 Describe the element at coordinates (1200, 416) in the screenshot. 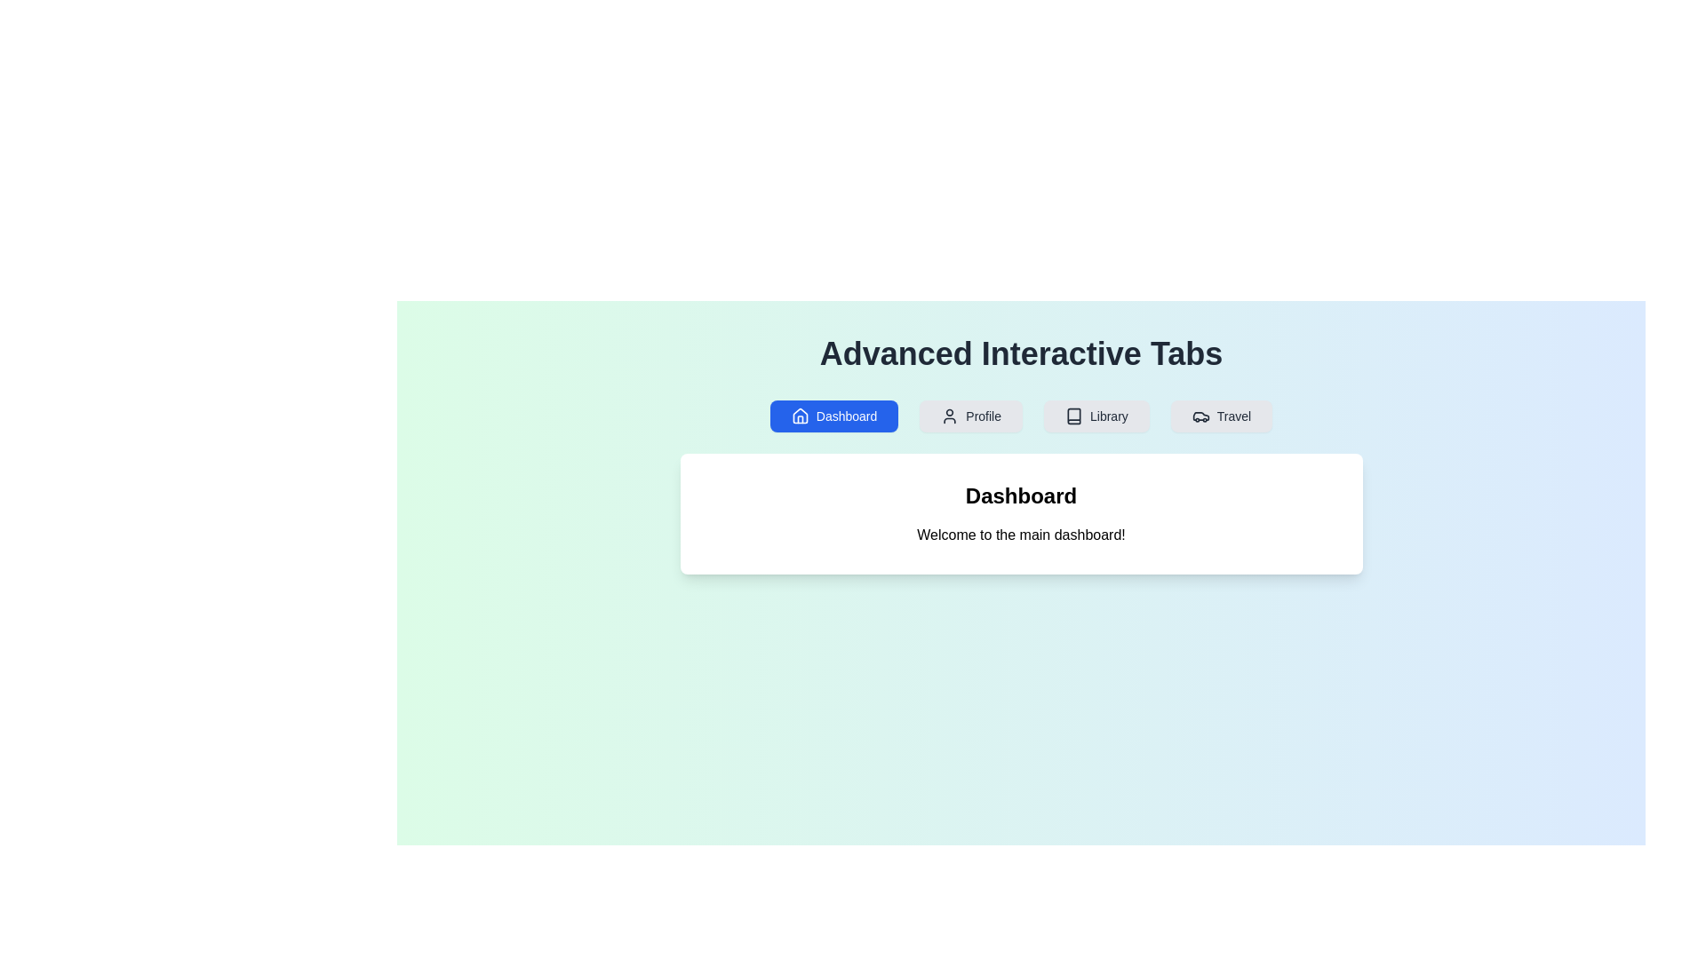

I see `the 'Travel' tab icon, which is the first graphical component in the rightmost navigation tab for travel-related functionalities` at that location.